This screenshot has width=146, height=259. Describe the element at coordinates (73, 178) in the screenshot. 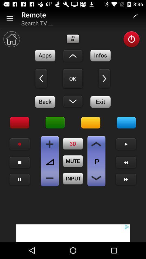

I see `switch input video` at that location.